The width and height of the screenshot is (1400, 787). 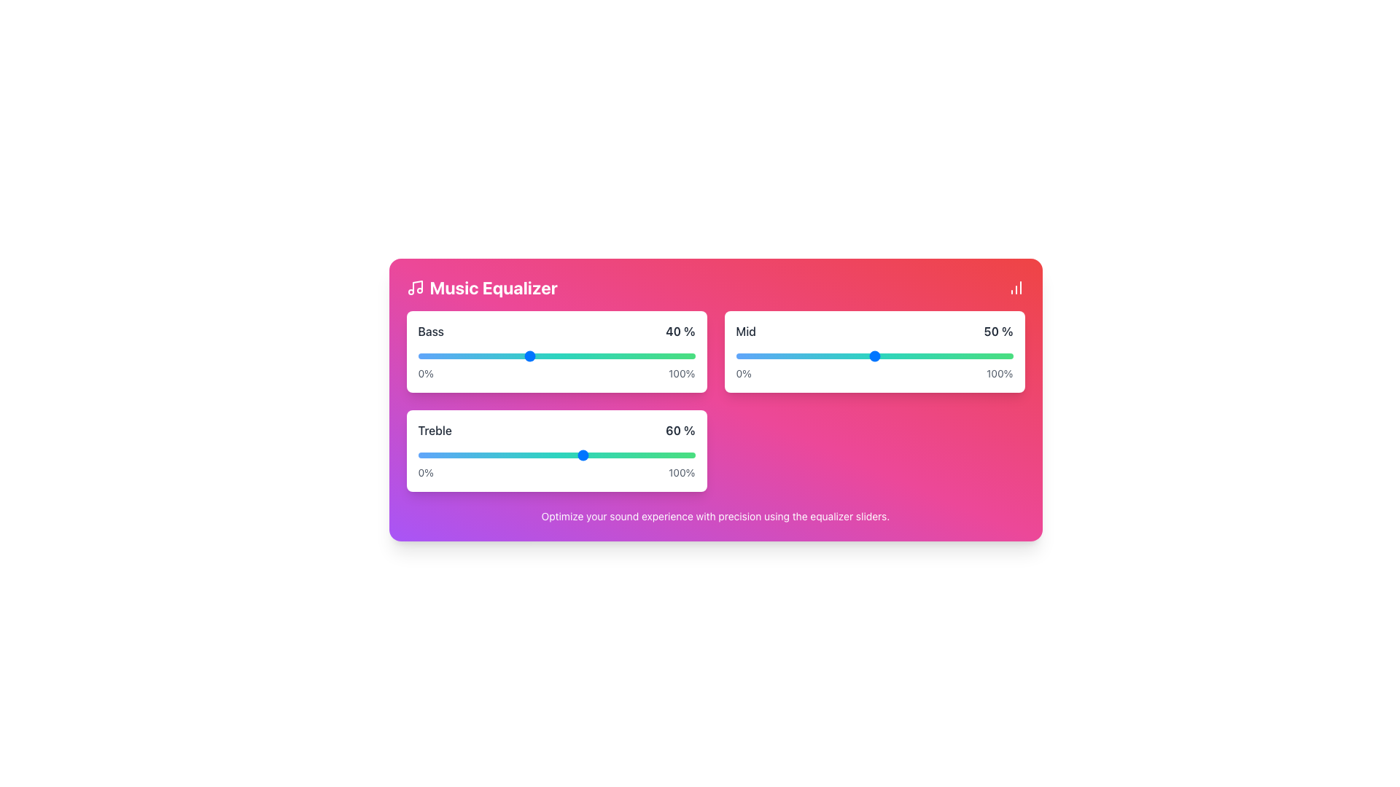 I want to click on the mid-level equalizer, so click(x=998, y=356).